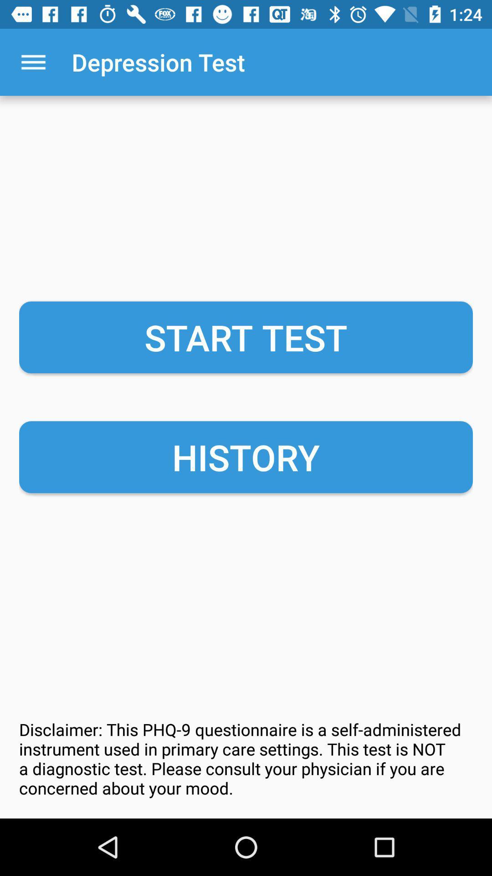  I want to click on the start test item, so click(246, 337).